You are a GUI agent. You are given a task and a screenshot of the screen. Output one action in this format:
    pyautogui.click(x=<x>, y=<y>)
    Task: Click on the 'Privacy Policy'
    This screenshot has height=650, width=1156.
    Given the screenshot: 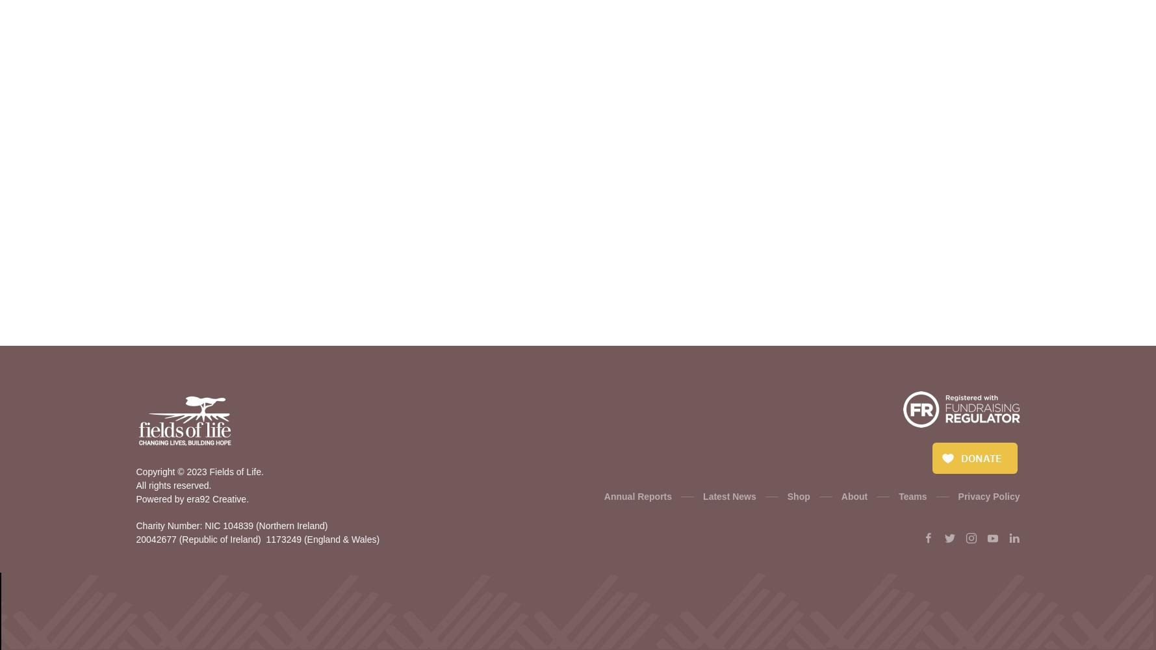 What is the action you would take?
    pyautogui.click(x=988, y=497)
    